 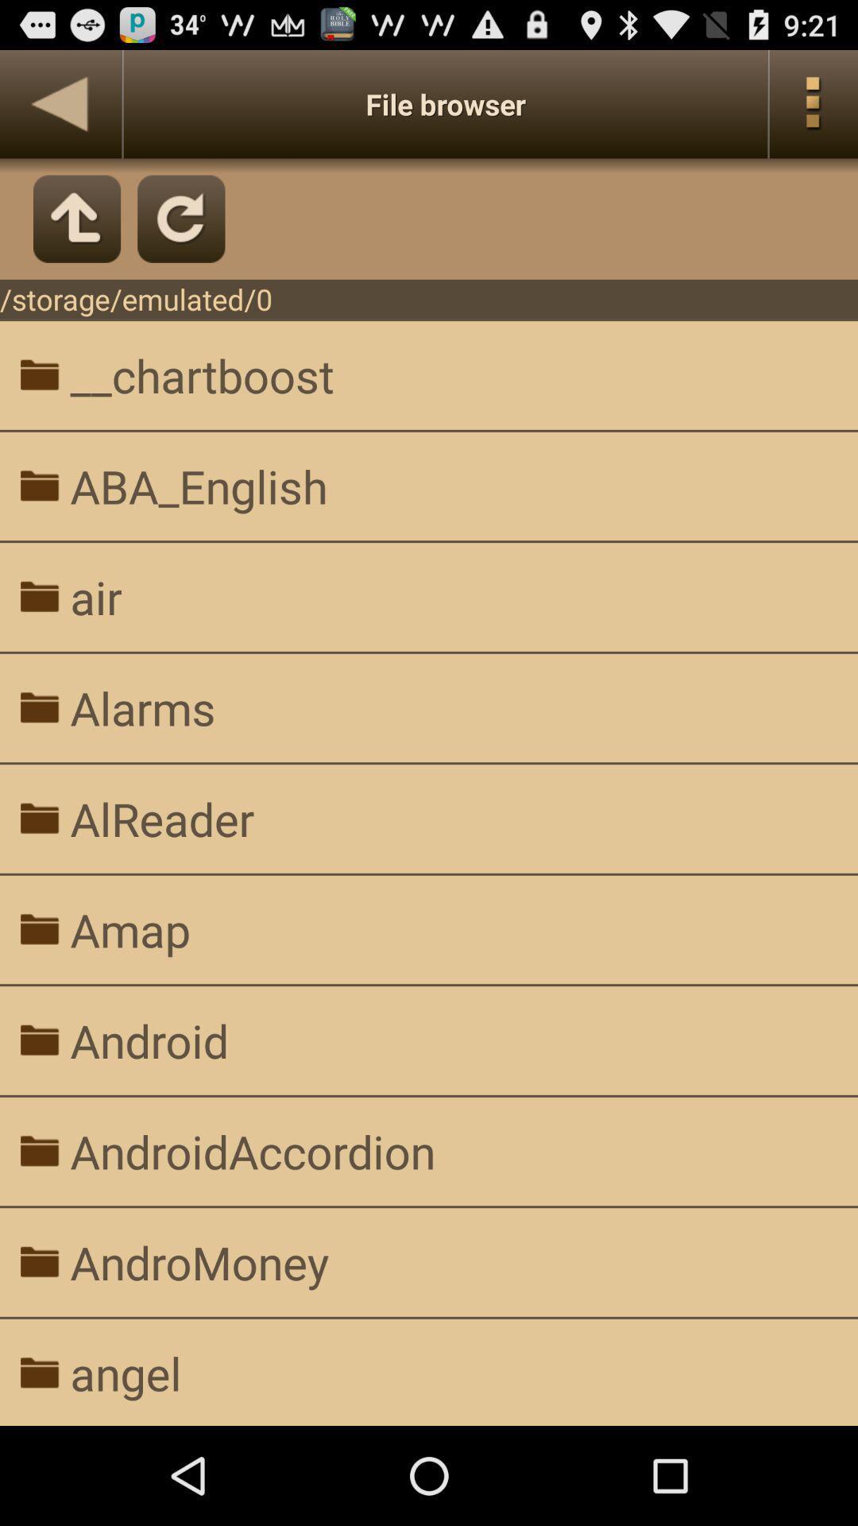 I want to click on for more options, so click(x=814, y=103).